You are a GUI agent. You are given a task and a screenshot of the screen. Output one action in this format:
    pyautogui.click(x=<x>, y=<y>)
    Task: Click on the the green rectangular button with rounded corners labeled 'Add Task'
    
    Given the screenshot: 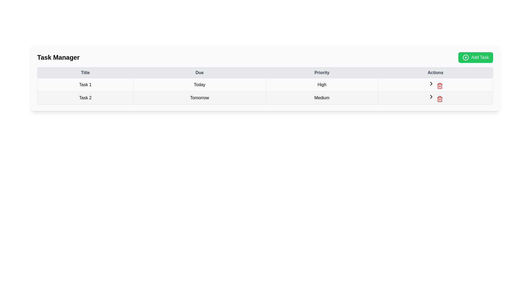 What is the action you would take?
    pyautogui.click(x=476, y=58)
    